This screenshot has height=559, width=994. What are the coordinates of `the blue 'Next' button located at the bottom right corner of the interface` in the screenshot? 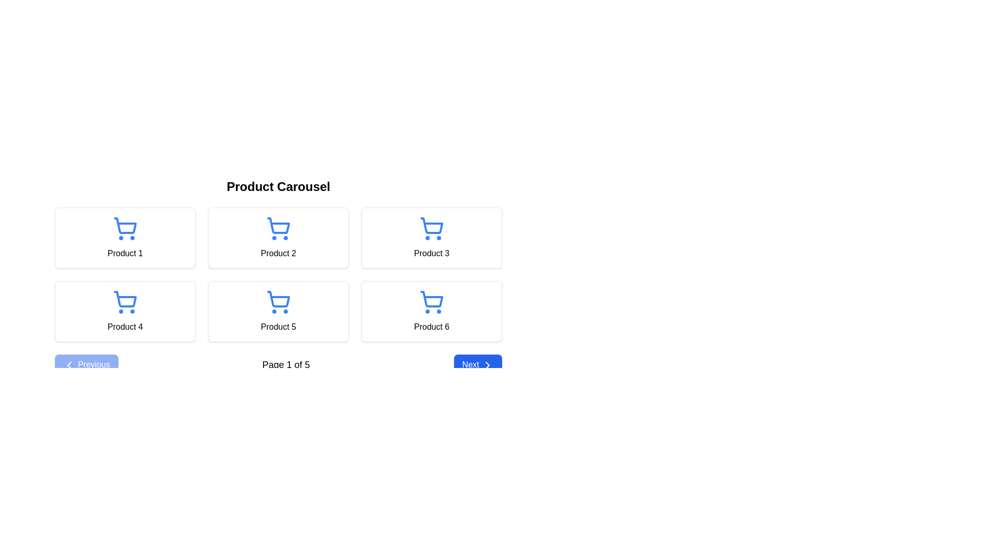 It's located at (477, 364).